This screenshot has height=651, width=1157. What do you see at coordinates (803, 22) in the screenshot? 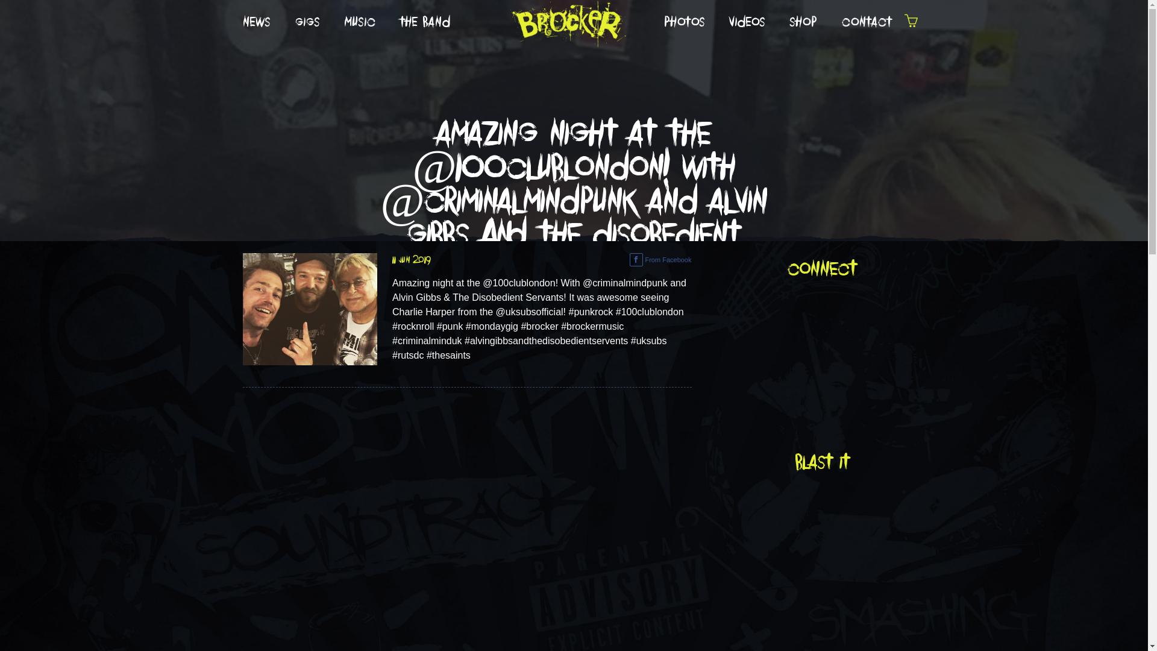
I see `'shop'` at bounding box center [803, 22].